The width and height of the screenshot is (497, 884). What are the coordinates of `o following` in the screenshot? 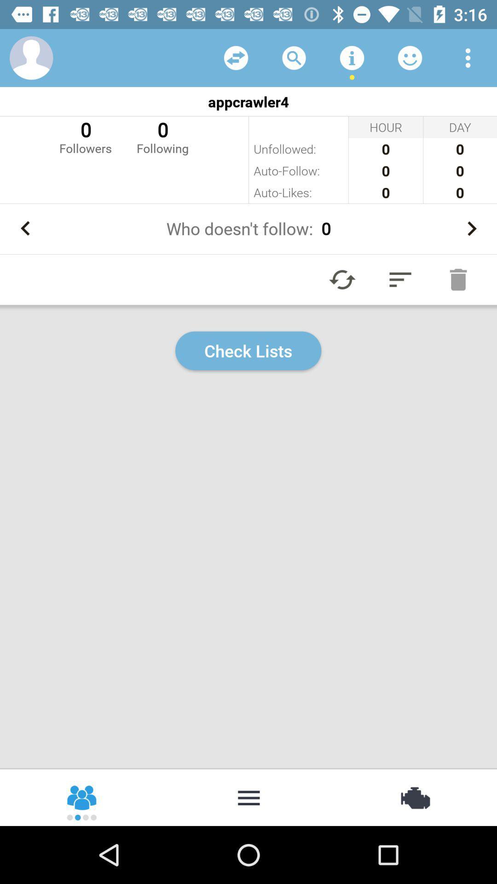 It's located at (162, 136).